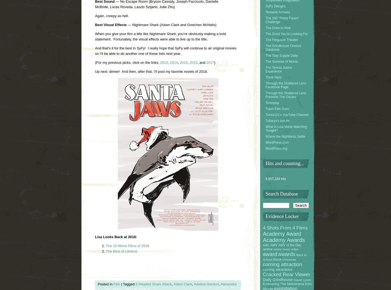 The height and width of the screenshot is (290, 391). Describe the element at coordinates (273, 248) in the screenshot. I see `'anime music video'` at that location.